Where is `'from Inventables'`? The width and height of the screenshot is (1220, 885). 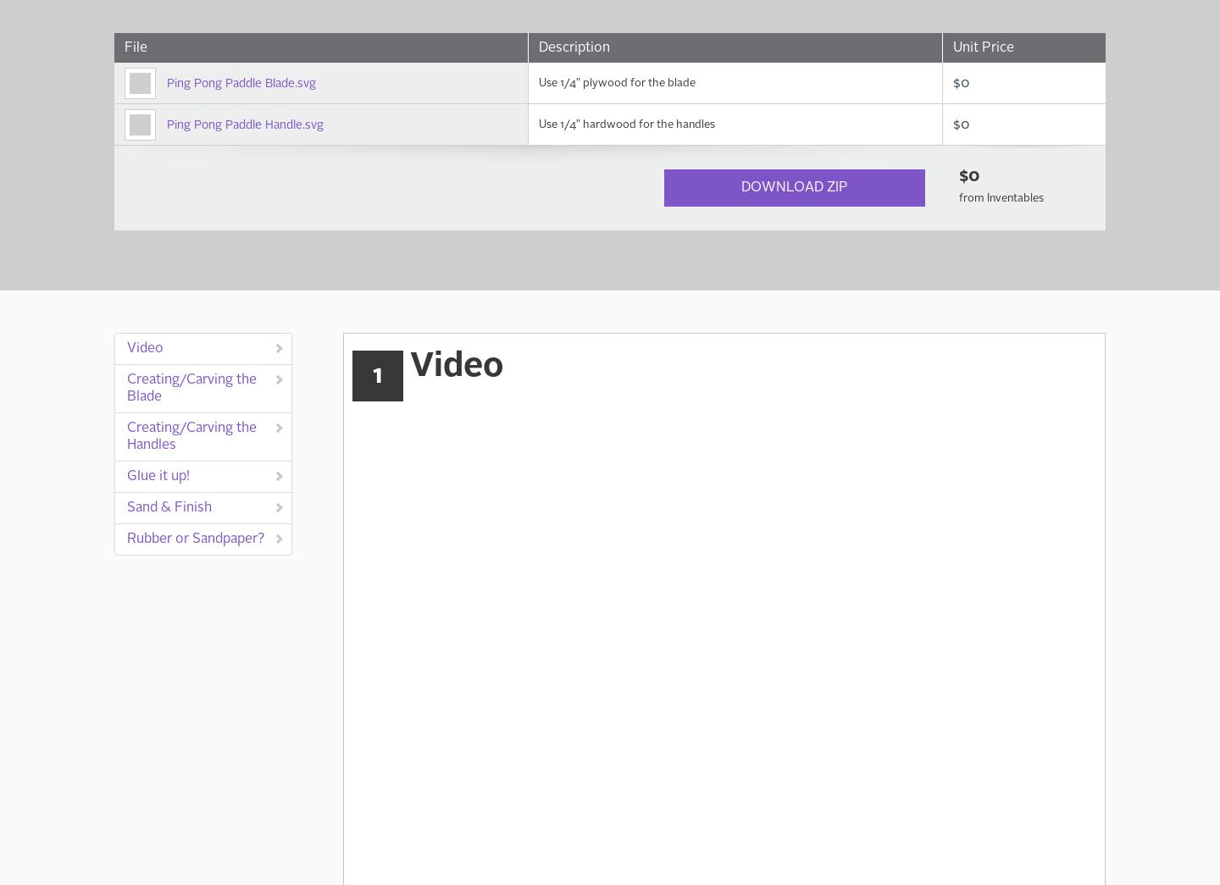
'from Inventables' is located at coordinates (957, 197).